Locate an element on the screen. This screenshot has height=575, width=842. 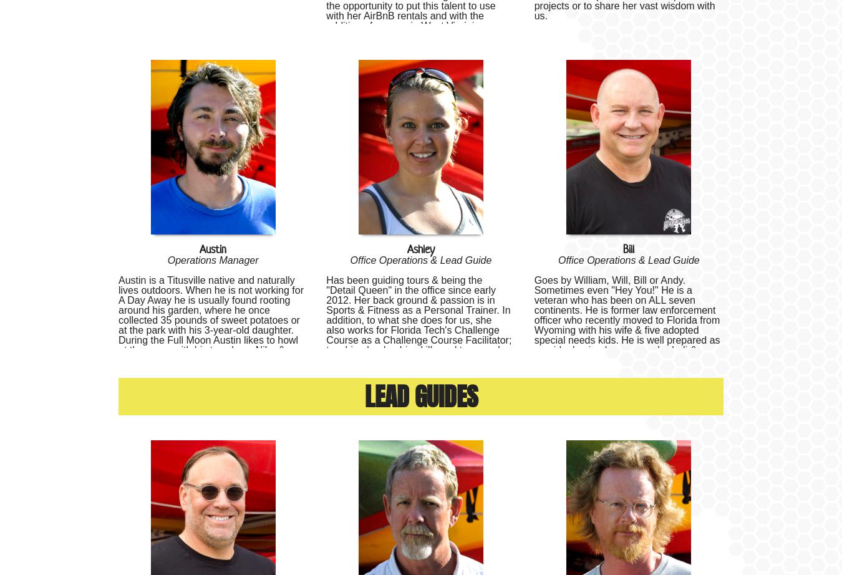
'Bill' is located at coordinates (628, 248).